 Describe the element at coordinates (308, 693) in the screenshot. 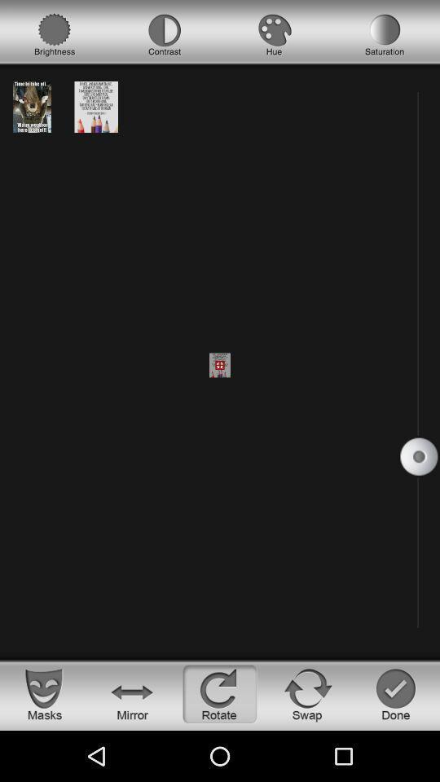

I see `swap the image` at that location.